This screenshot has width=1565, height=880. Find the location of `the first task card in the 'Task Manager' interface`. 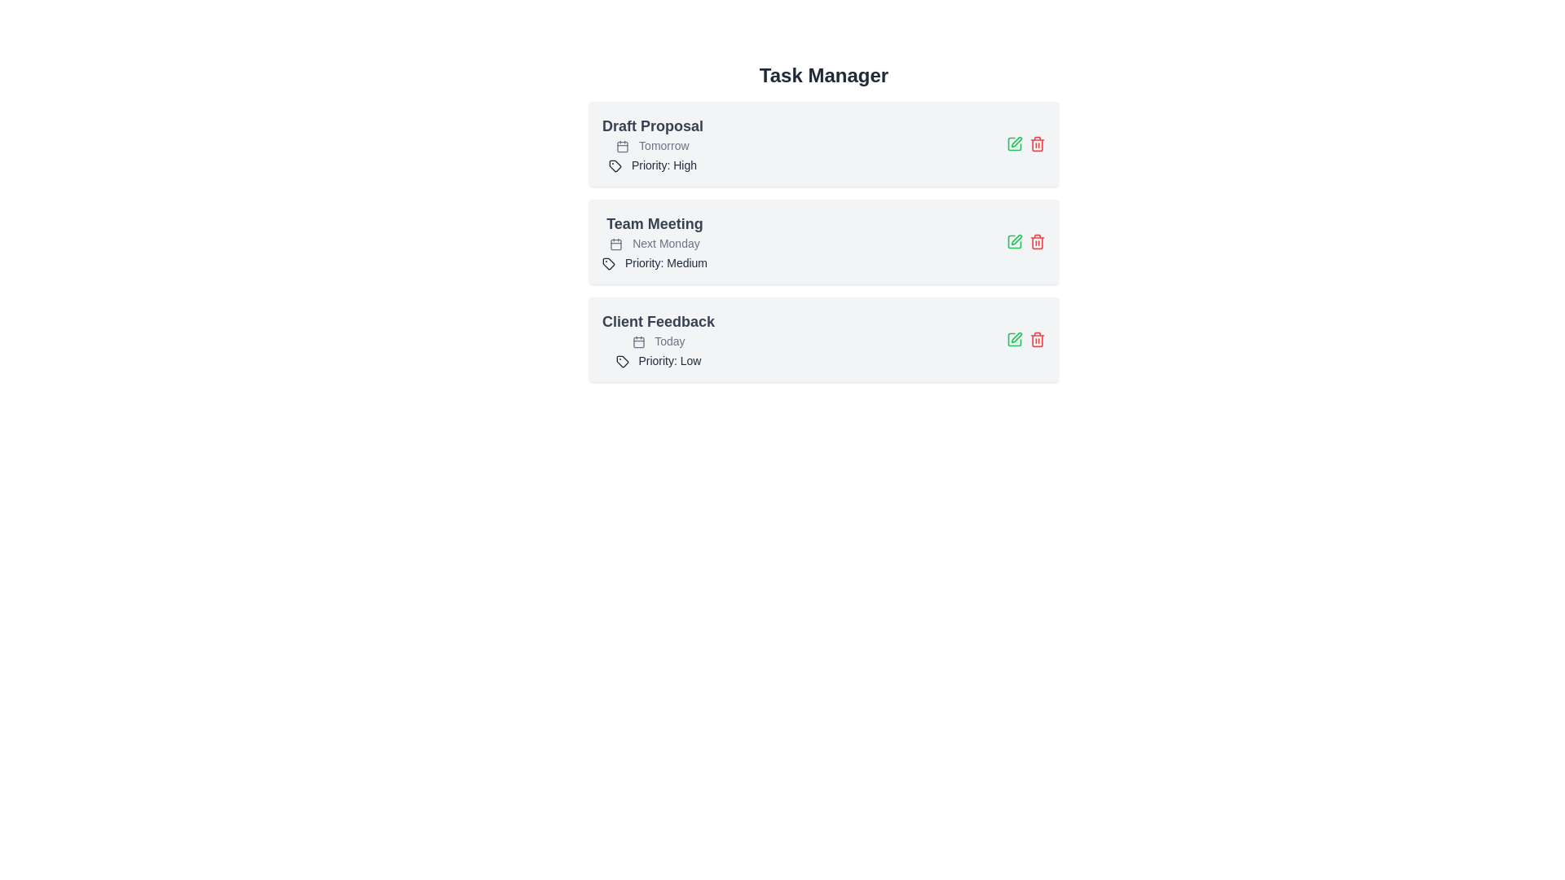

the first task card in the 'Task Manager' interface is located at coordinates (653, 143).